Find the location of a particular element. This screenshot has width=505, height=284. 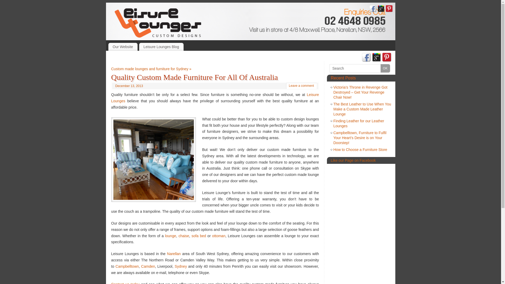

'Leisure Lounges Blog' is located at coordinates (161, 46).